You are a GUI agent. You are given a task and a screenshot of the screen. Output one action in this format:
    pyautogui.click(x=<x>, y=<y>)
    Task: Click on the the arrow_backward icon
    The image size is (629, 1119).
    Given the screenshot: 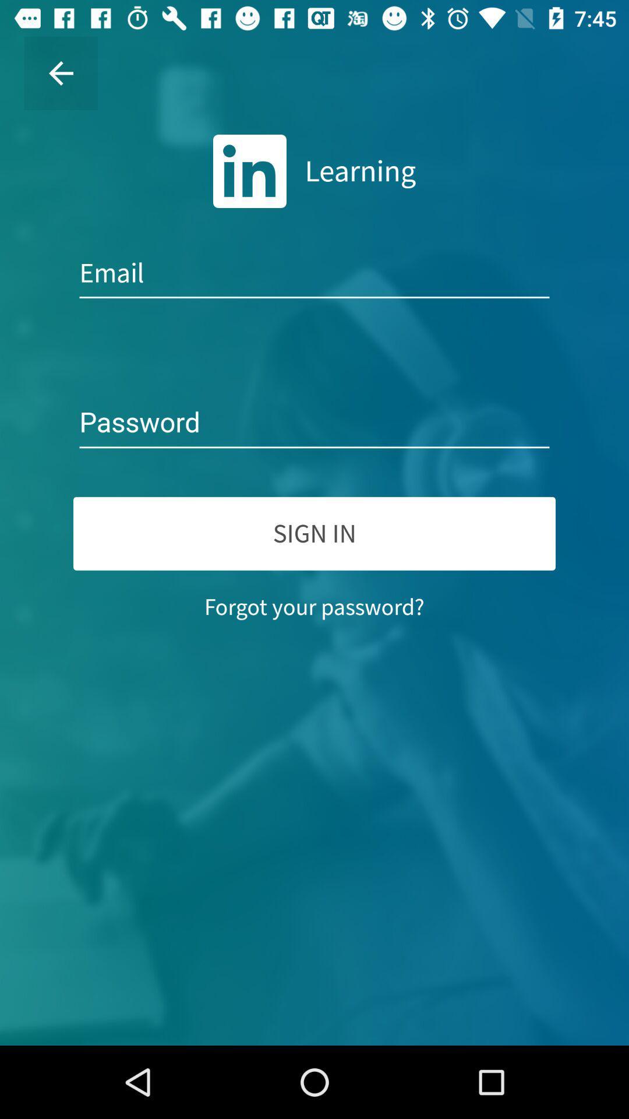 What is the action you would take?
    pyautogui.click(x=61, y=72)
    